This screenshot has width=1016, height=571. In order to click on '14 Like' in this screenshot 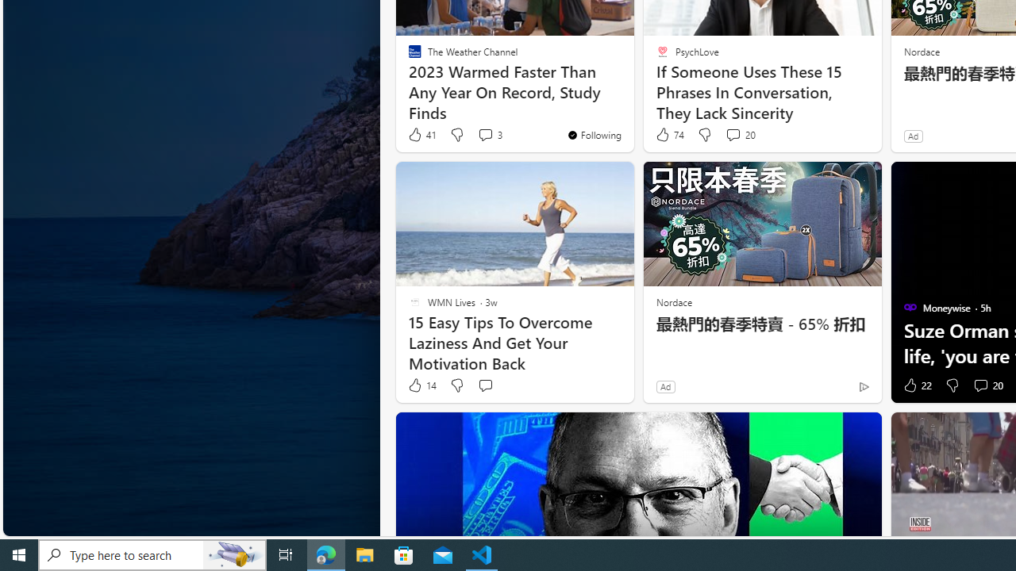, I will do `click(421, 385)`.